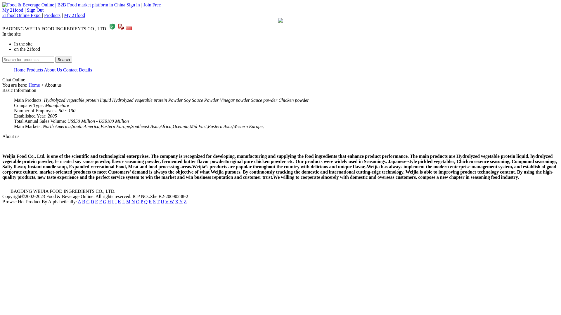  What do you see at coordinates (181, 201) in the screenshot?
I see `'Y'` at bounding box center [181, 201].